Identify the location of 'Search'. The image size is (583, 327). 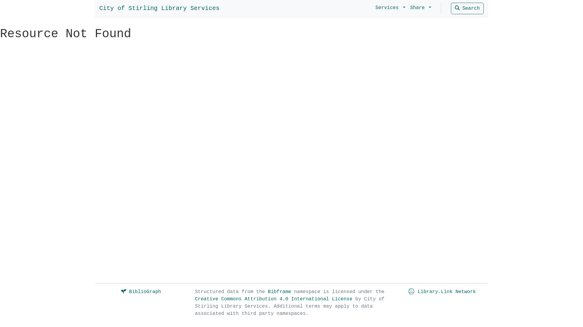
(467, 8).